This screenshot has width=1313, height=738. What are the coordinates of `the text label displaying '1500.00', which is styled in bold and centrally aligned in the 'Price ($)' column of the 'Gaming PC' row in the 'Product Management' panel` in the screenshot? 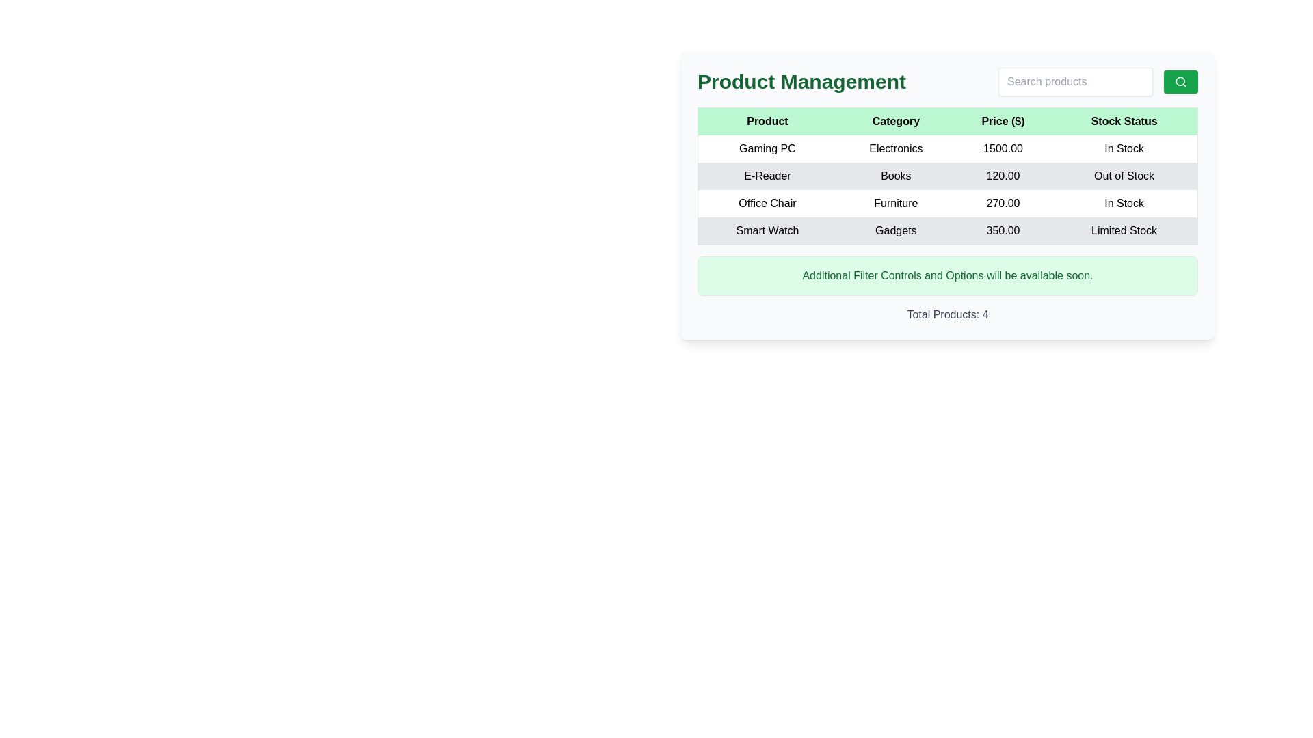 It's located at (1003, 149).